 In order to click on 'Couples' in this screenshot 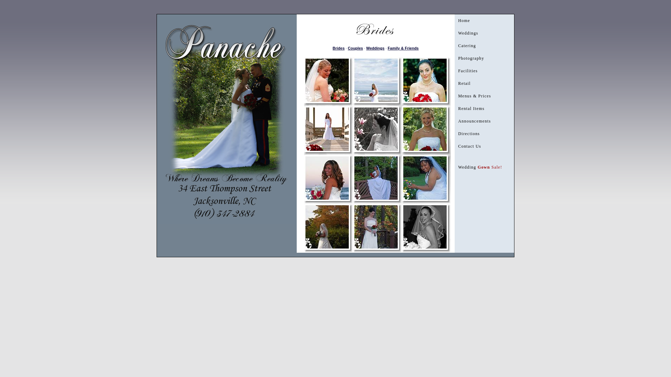, I will do `click(355, 48)`.